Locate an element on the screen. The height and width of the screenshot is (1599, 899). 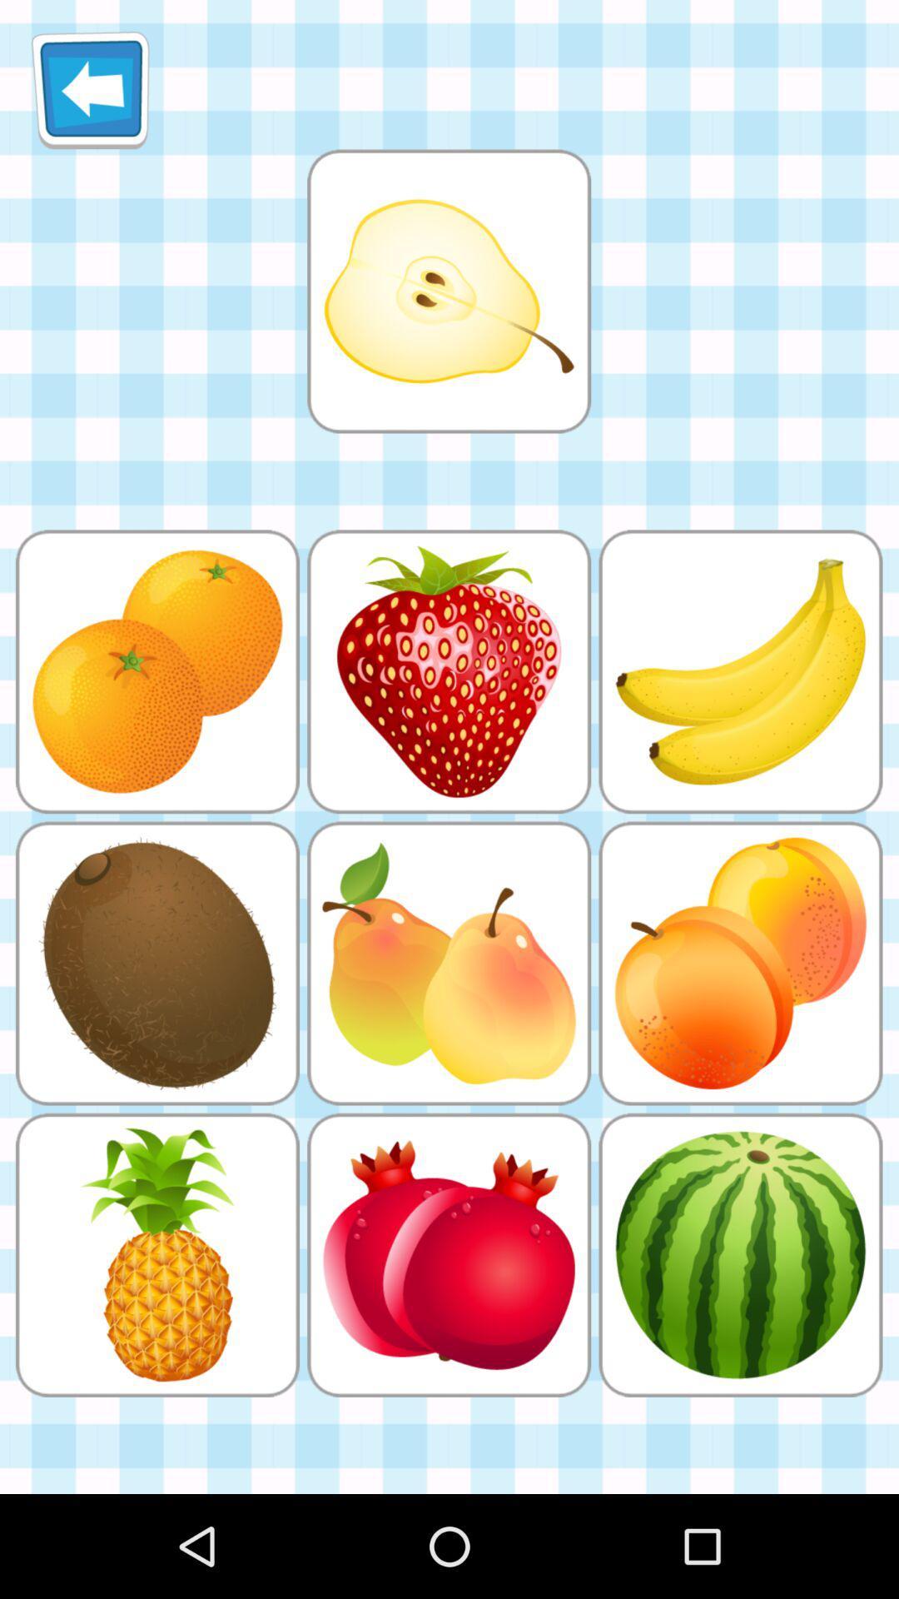
back button is located at coordinates (90, 89).